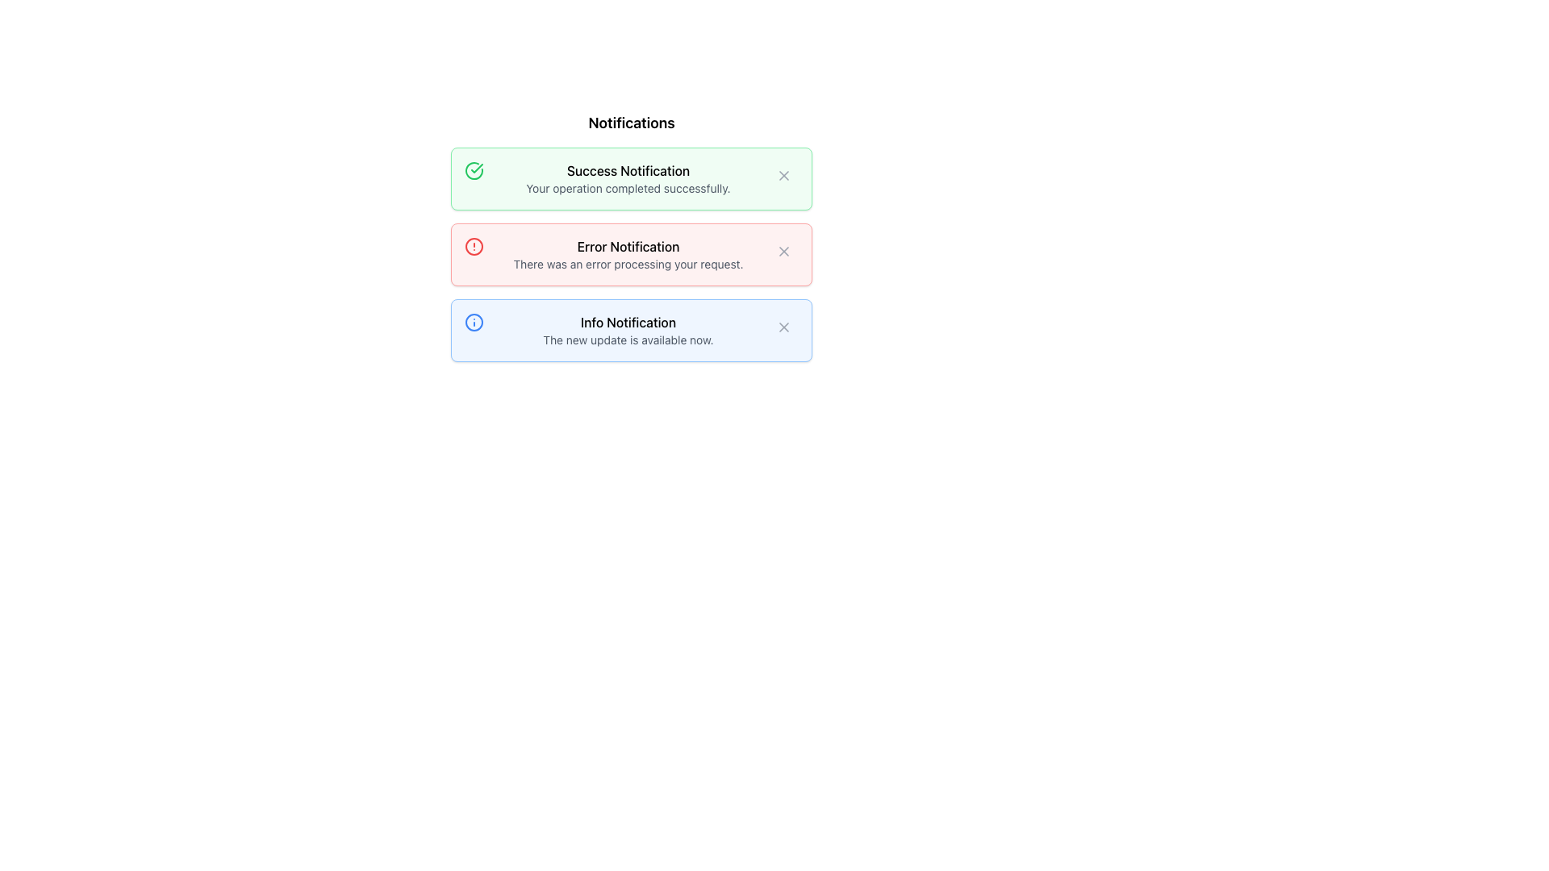 This screenshot has width=1549, height=871. Describe the element at coordinates (627, 188) in the screenshot. I see `the text message that says 'Your operation completed successfully.' located in the green-highlighted notification box below the 'Success Notification' header` at that location.